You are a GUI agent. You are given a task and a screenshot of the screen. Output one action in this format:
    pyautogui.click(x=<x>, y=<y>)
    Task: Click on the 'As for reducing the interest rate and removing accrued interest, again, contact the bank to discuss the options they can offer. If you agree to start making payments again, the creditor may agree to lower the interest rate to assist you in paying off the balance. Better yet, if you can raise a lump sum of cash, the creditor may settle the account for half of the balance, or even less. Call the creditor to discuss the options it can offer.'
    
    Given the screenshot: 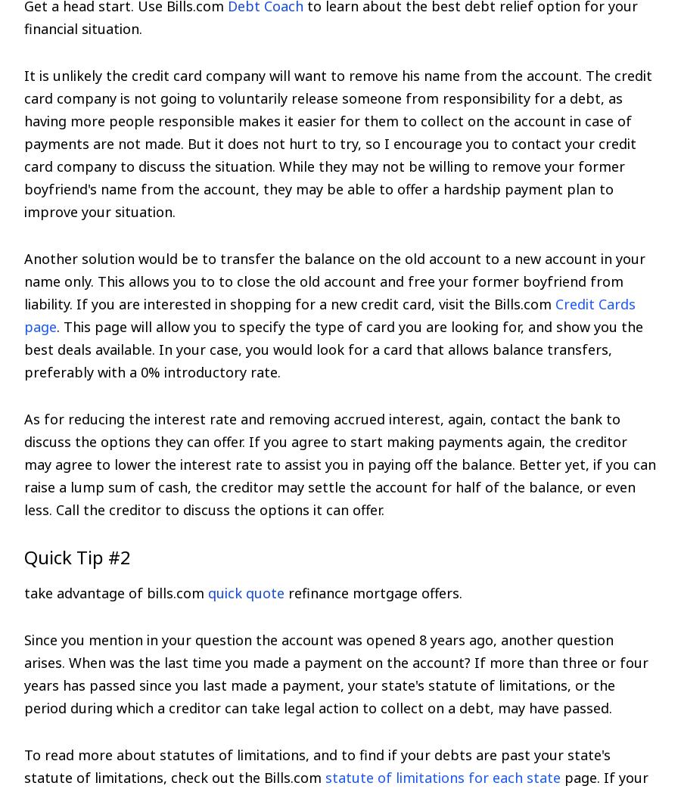 What is the action you would take?
    pyautogui.click(x=340, y=463)
    